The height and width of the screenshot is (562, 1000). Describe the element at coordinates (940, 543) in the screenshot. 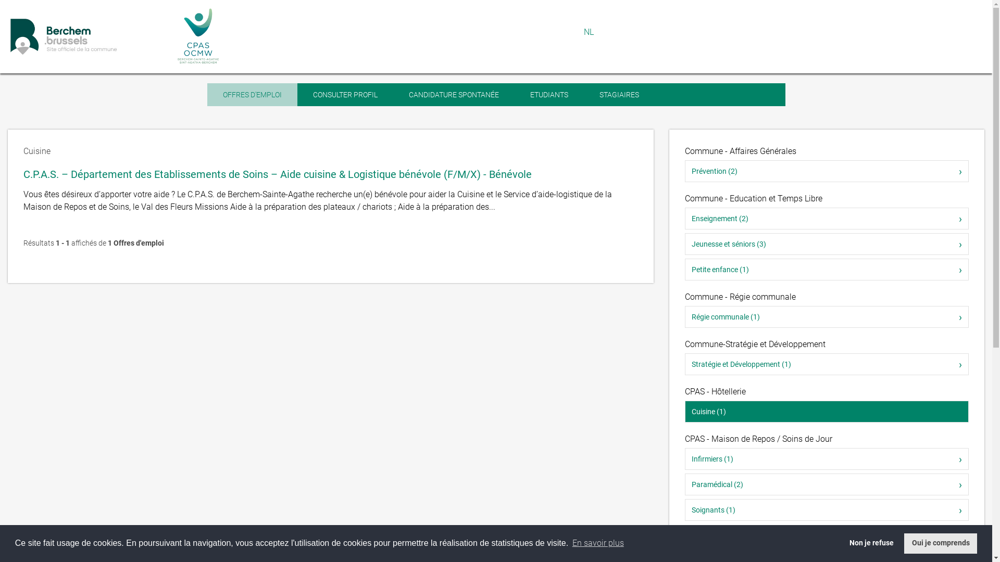

I see `'Oui je comprends'` at that location.